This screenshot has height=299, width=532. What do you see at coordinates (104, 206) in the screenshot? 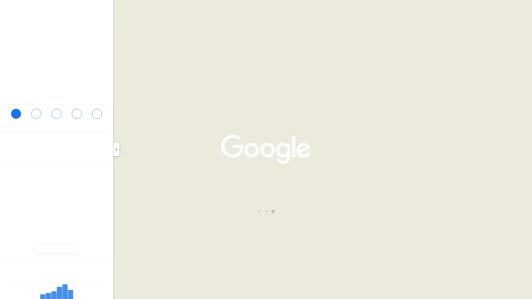
I see `Call phone number` at bounding box center [104, 206].